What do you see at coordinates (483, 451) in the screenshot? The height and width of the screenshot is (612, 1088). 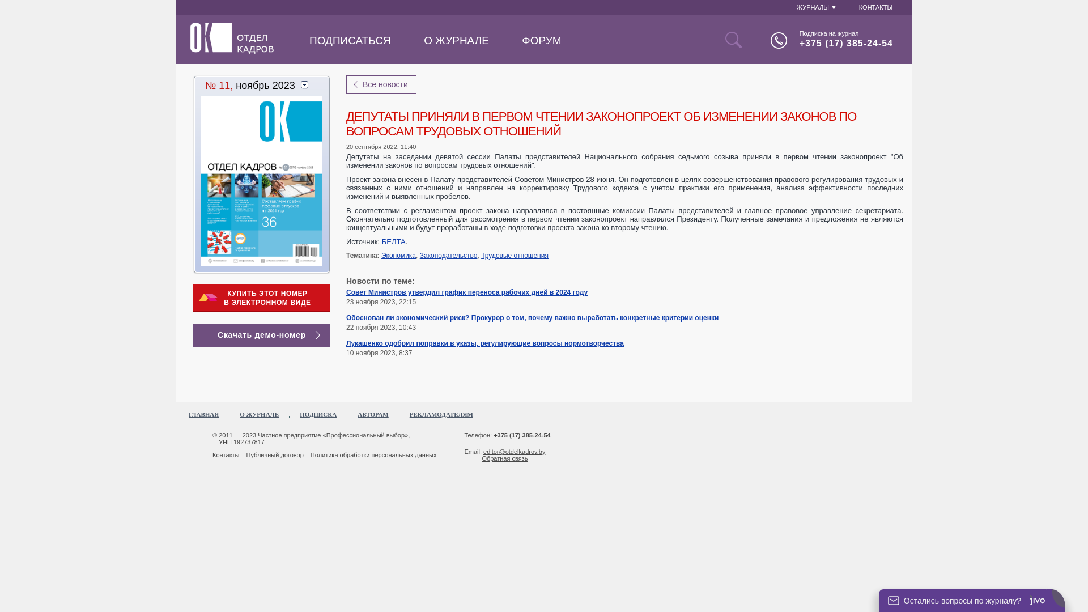 I see `'editor@otdelkadrov.by'` at bounding box center [483, 451].